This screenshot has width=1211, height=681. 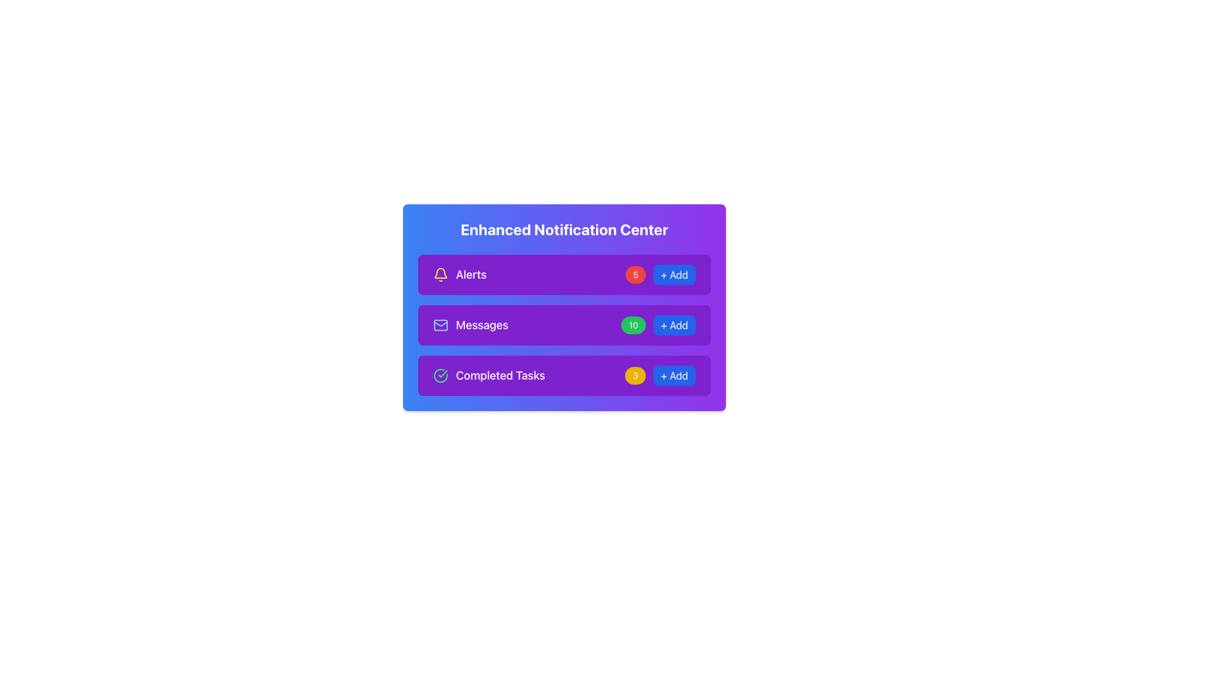 I want to click on the icon that indicates tasks in the 'Completed Tasks' section, located to the left of the text 'Completed Tasks', so click(x=441, y=375).